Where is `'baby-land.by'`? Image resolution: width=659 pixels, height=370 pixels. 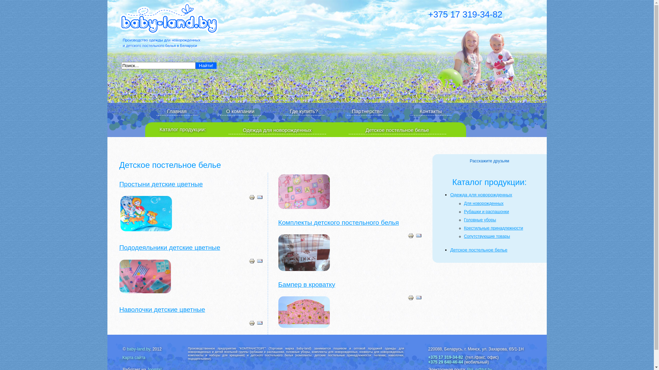 'baby-land.by' is located at coordinates (138, 349).